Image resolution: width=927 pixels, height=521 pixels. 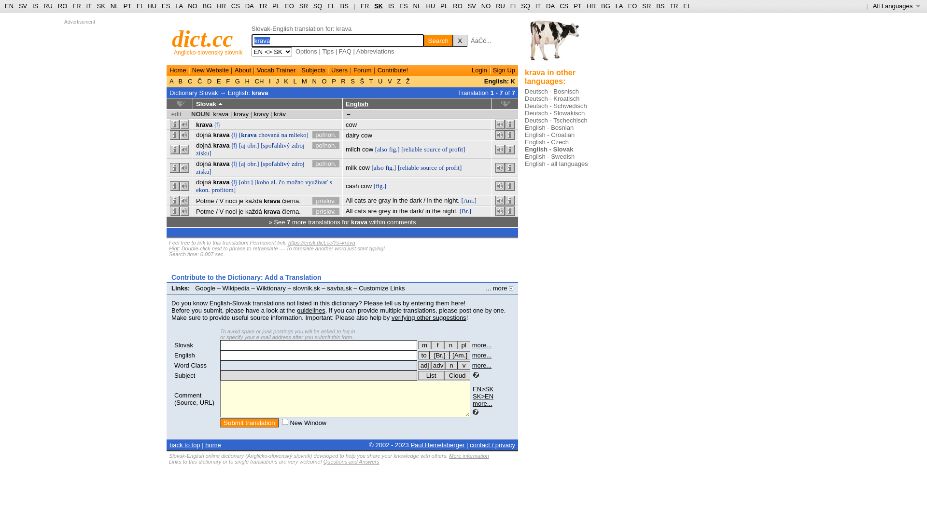 I want to click on 'English - Swedish', so click(x=524, y=156).